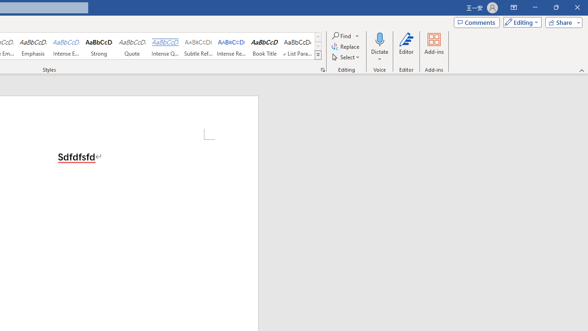  What do you see at coordinates (345, 35) in the screenshot?
I see `'Find'` at bounding box center [345, 35].